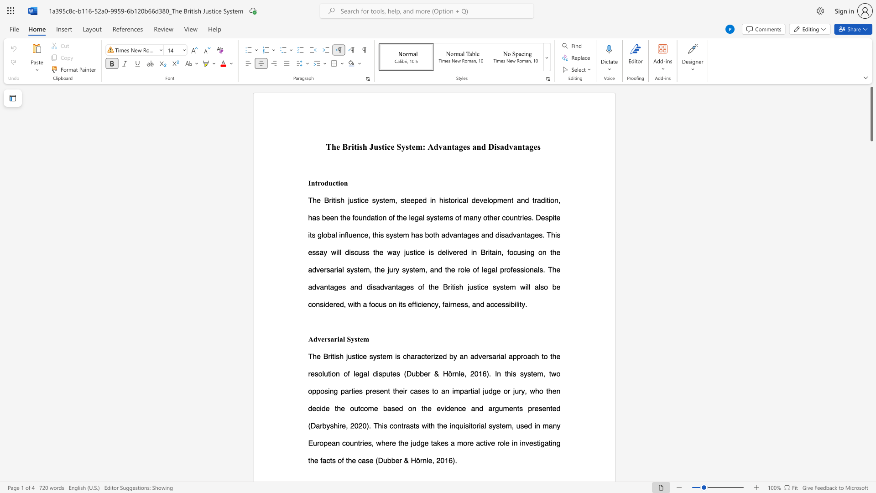 The image size is (876, 493). Describe the element at coordinates (871, 228) in the screenshot. I see `the scrollbar on the right to move the page downward` at that location.